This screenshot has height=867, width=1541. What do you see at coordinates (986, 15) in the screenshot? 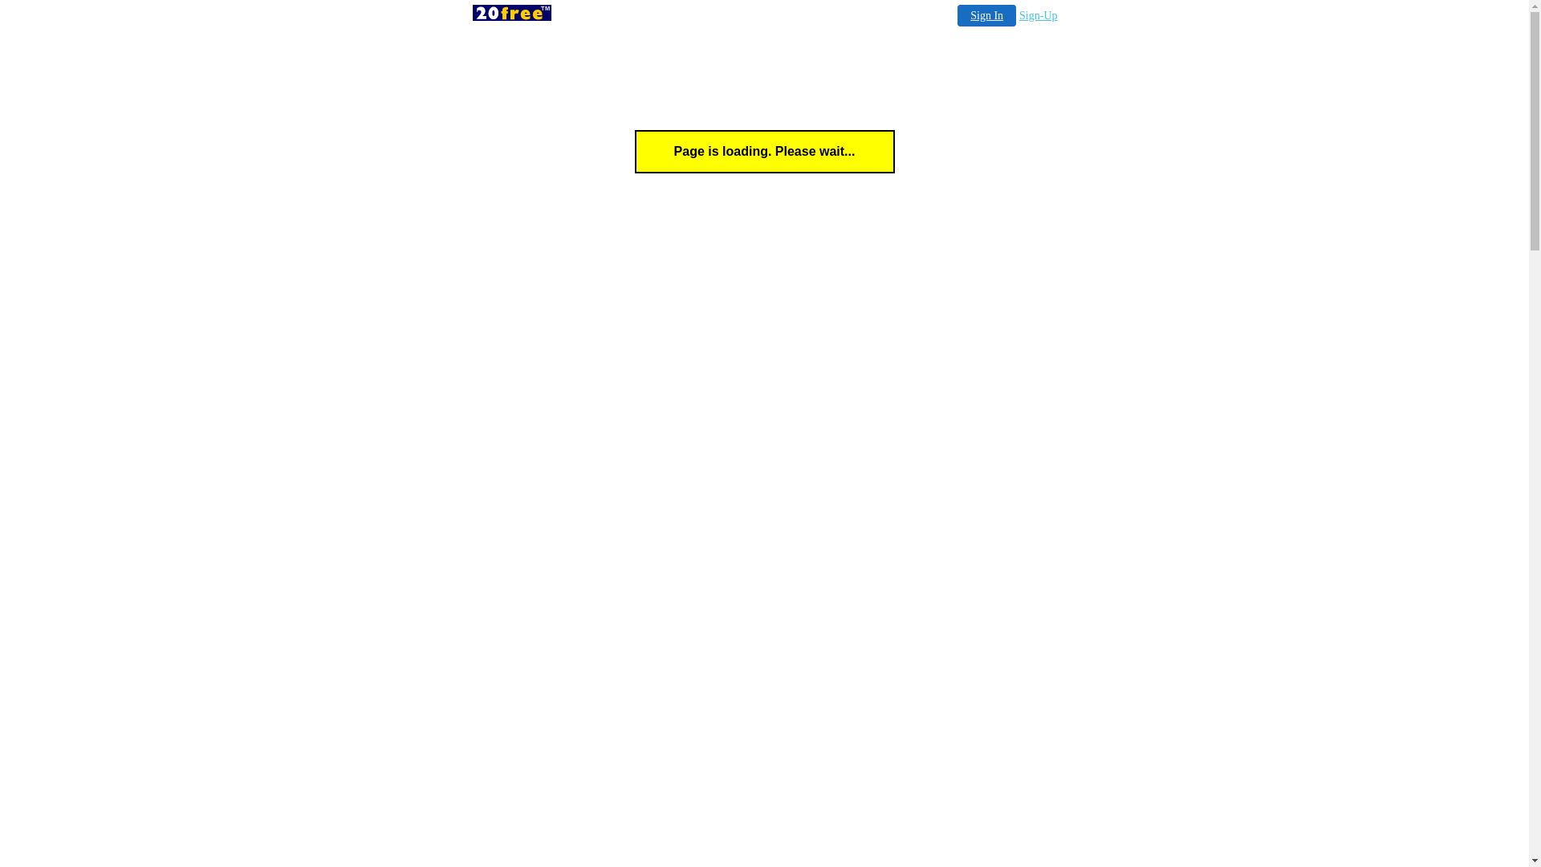
I see `'Sign In'` at bounding box center [986, 15].